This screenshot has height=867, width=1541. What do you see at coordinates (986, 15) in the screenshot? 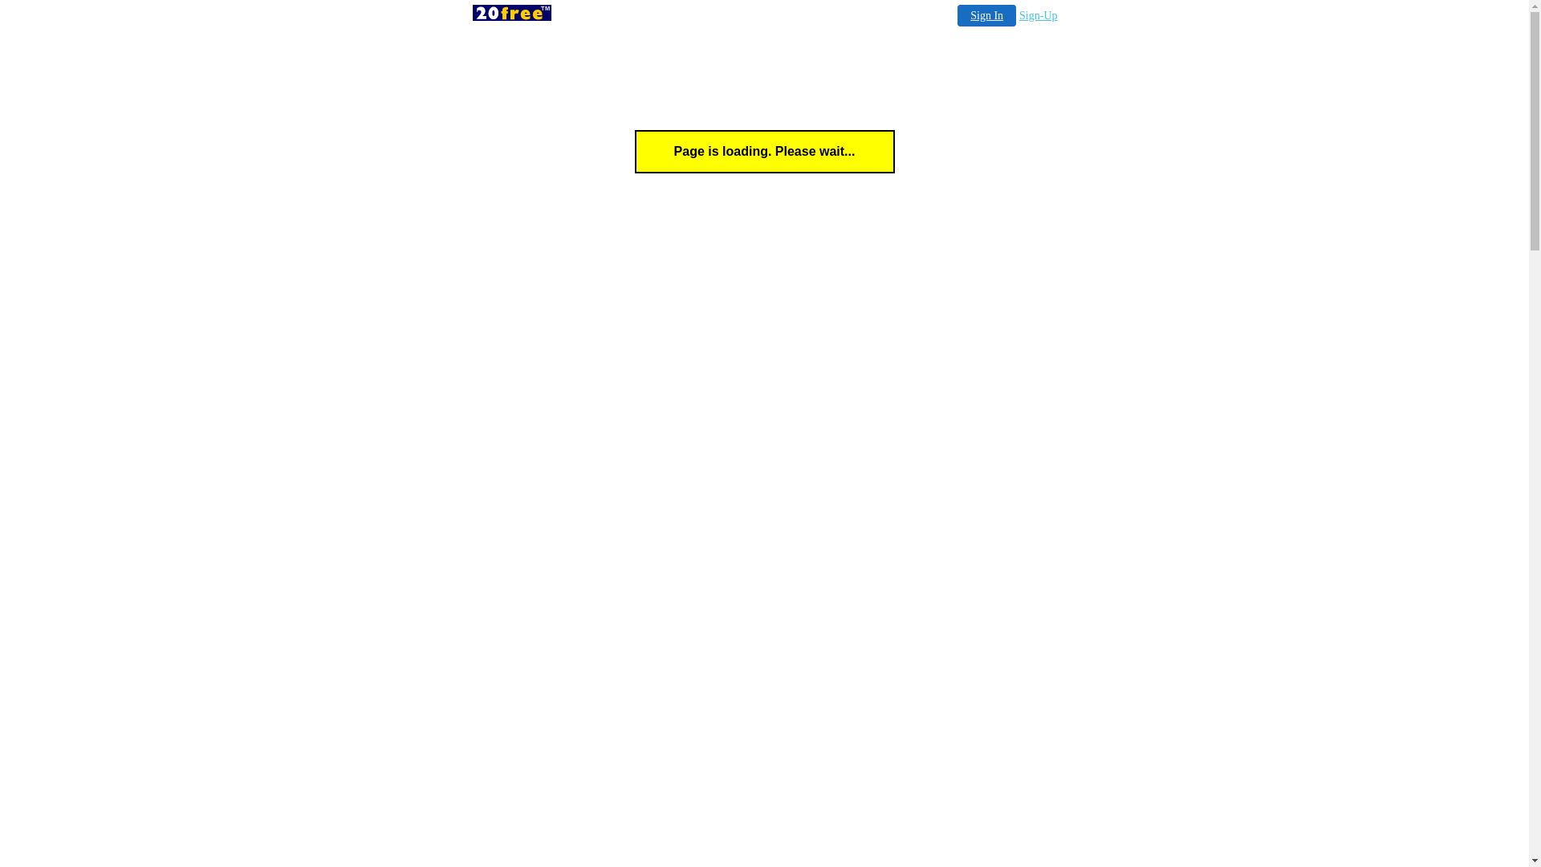
I see `'Sign In'` at bounding box center [986, 15].